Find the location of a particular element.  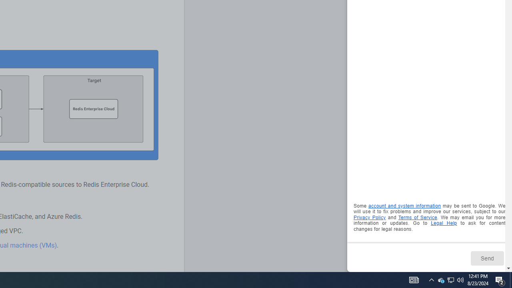

'Opens in a new tab. Privacy Policy' is located at coordinates (369, 217).